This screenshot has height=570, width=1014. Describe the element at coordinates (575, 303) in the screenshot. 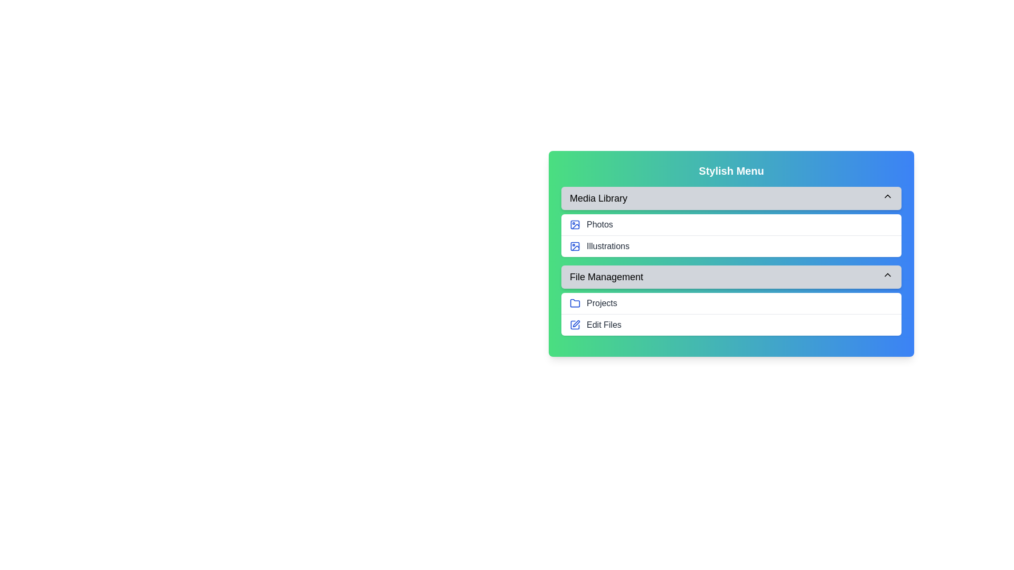

I see `the folder icon located to the left of the 'Projects' label in the 'File Management' section` at that location.